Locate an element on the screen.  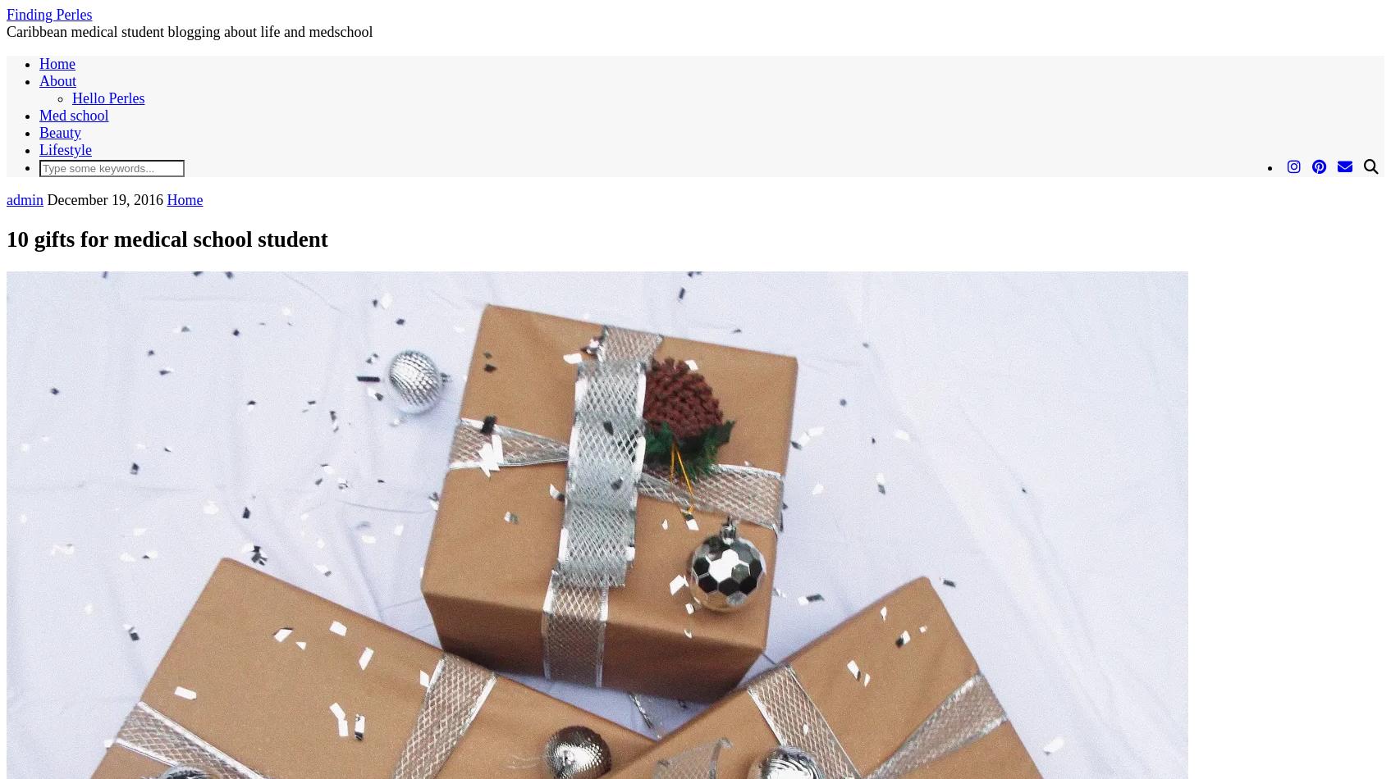
'Beauty' is located at coordinates (59, 132).